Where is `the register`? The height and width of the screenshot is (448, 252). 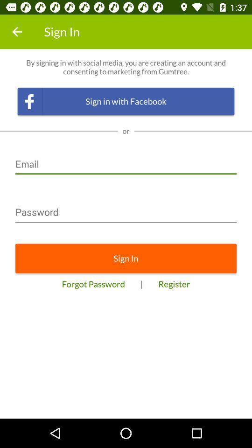 the register is located at coordinates (174, 283).